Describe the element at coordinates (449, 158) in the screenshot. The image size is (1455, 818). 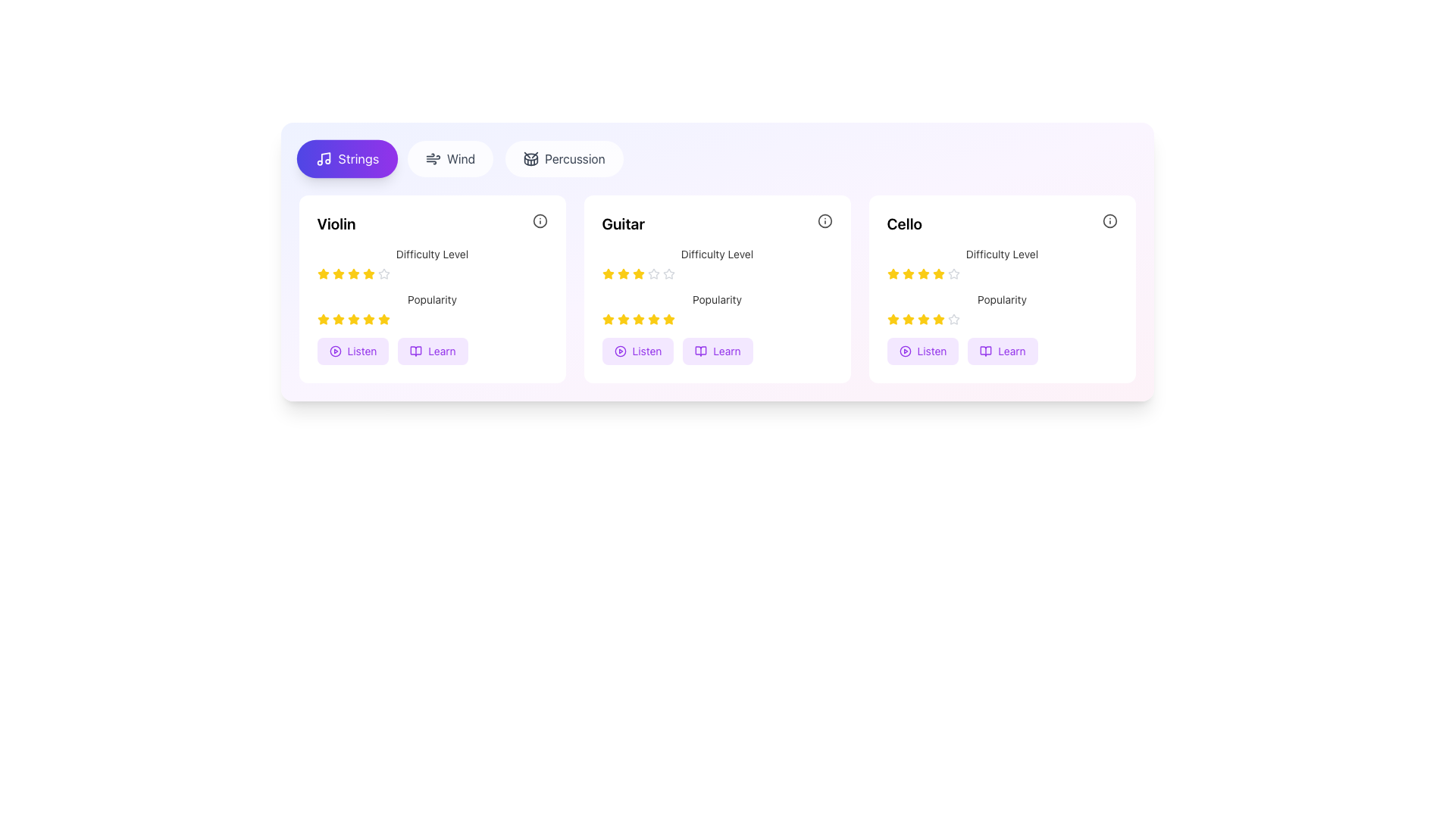
I see `the 'Wind' button for keyboard interaction` at that location.